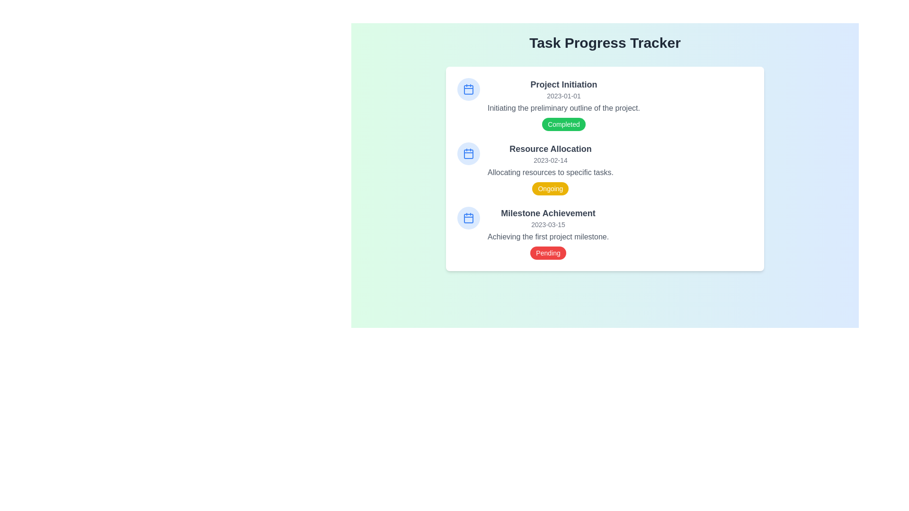  What do you see at coordinates (563, 104) in the screenshot?
I see `the first milestone summary element, which includes its name, date, description, and status ('Completed'), located at the top center of the interface` at bounding box center [563, 104].